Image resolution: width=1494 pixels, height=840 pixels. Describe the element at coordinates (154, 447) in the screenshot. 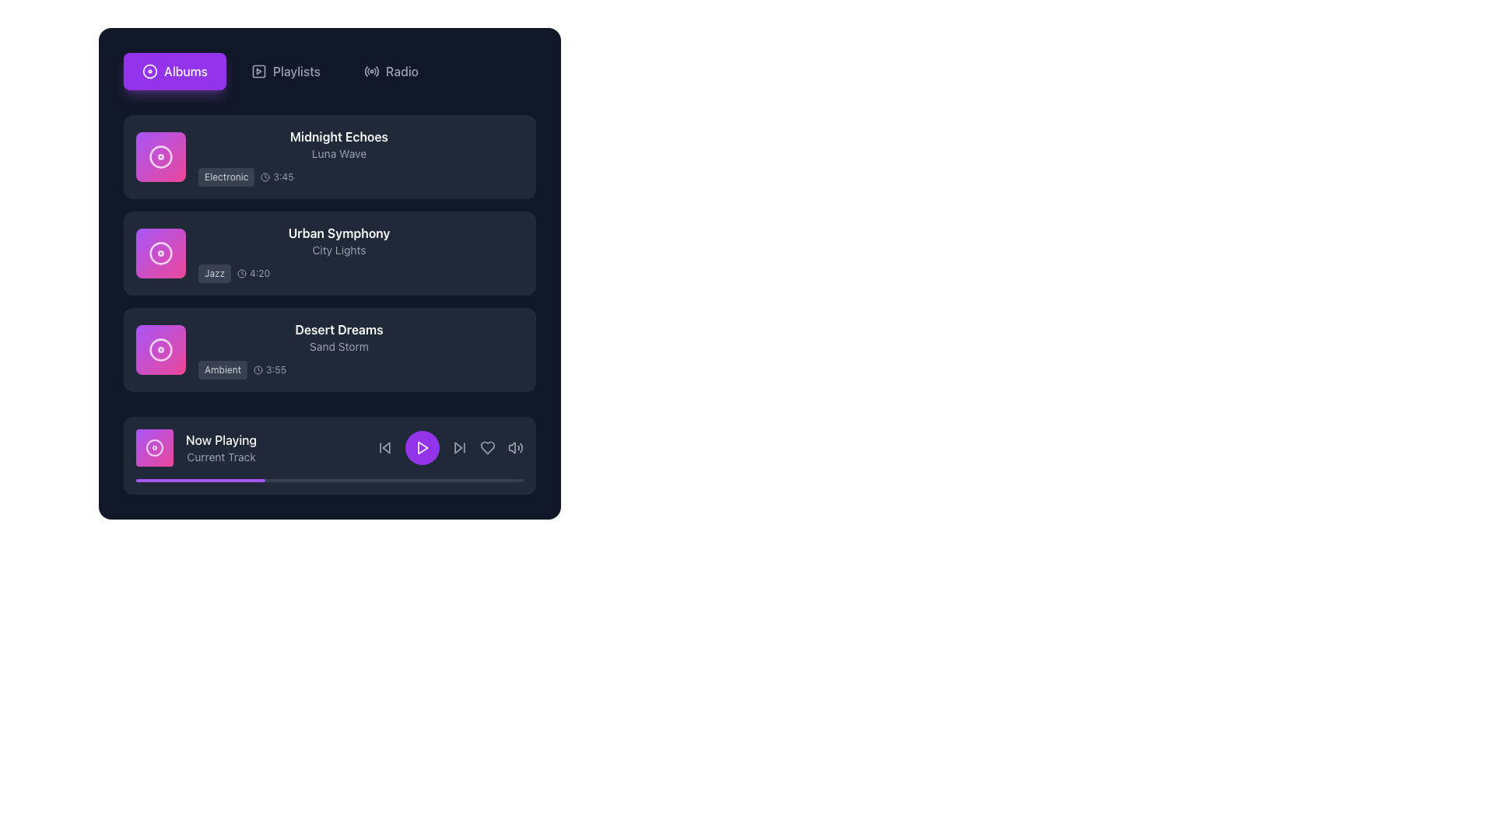

I see `the circular playback icon located in the 'Now Playing' section, which is positioned left of the 'Now Playing' text and above the progress bar` at that location.